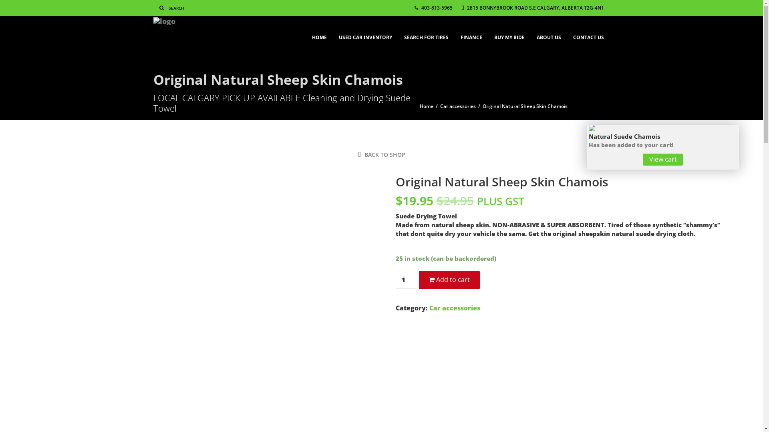 The height and width of the screenshot is (432, 769). Describe the element at coordinates (357, 154) in the screenshot. I see `'BACK TO SHOP'` at that location.